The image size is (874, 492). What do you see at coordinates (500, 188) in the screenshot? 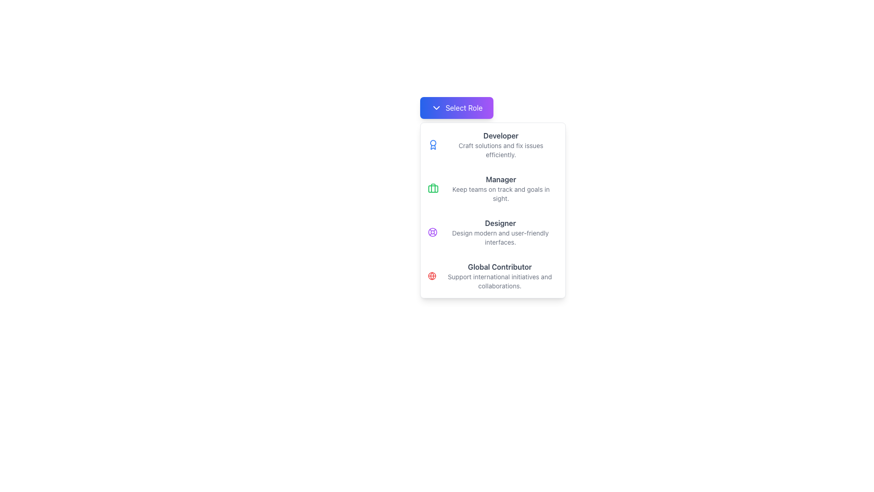
I see `the 'Manager' role text label in the dropdown card` at bounding box center [500, 188].